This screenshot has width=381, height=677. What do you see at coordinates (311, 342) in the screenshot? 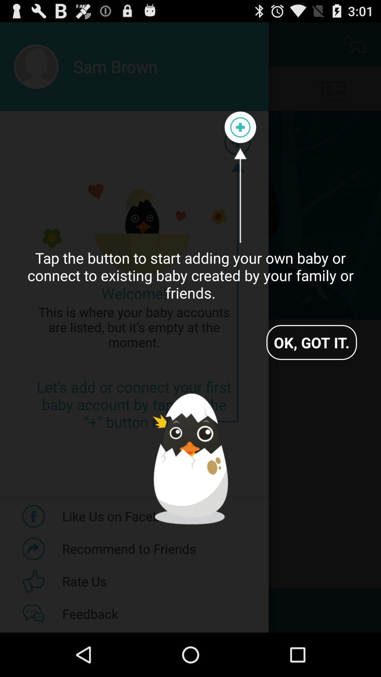
I see `the icon on the right` at bounding box center [311, 342].